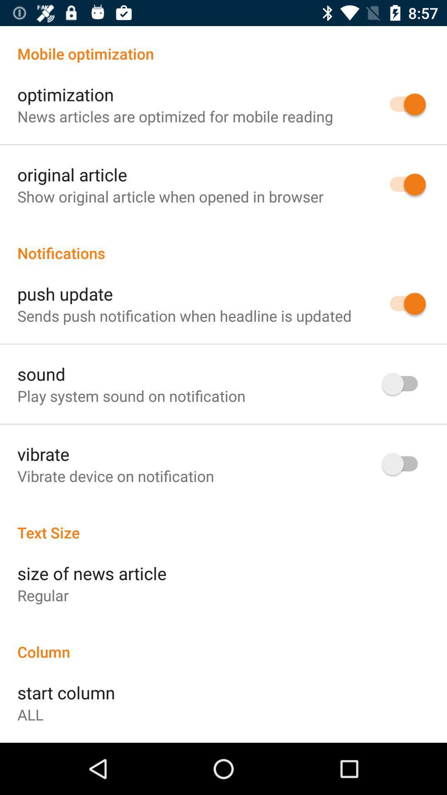 The image size is (447, 795). Describe the element at coordinates (43, 595) in the screenshot. I see `the icon above column` at that location.